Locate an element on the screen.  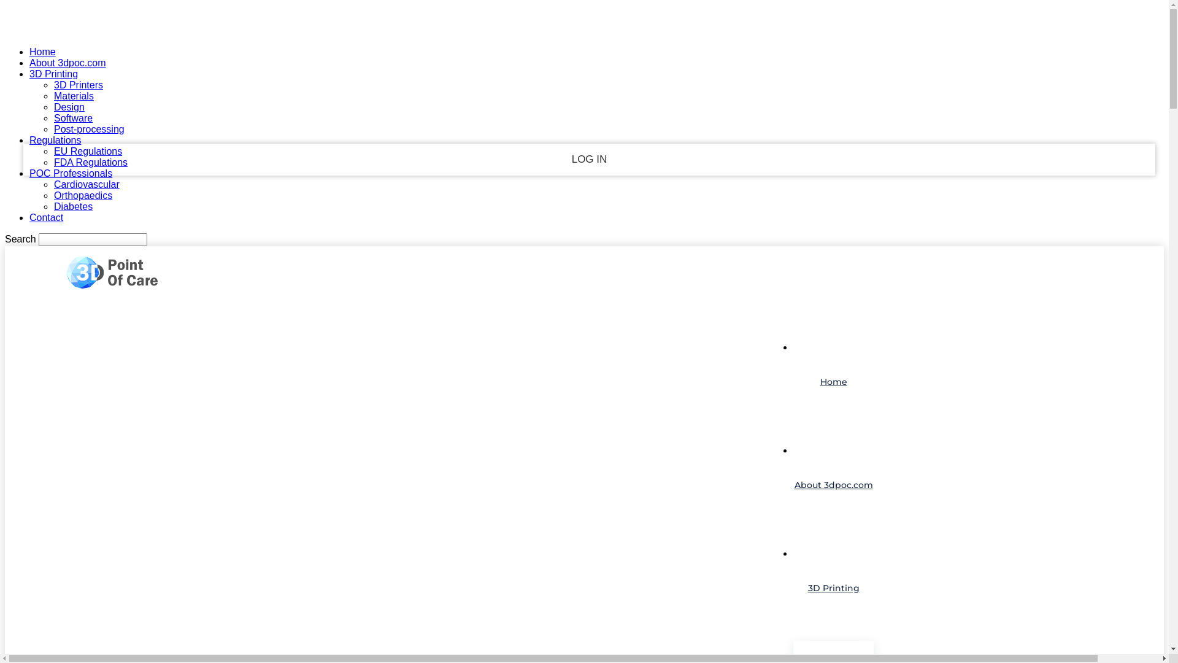
'EU Regulations' is located at coordinates (87, 150).